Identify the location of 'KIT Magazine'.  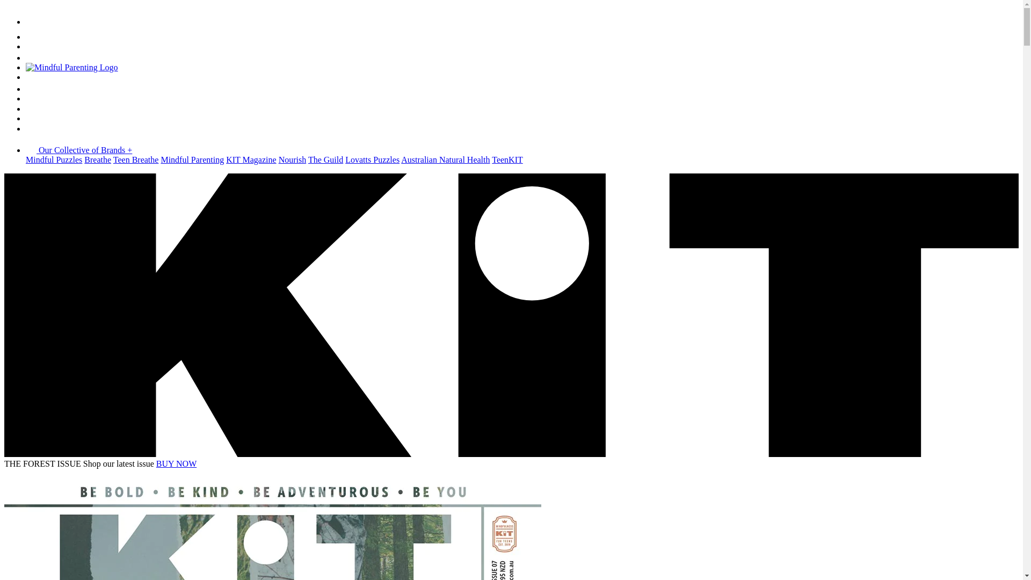
(226, 160).